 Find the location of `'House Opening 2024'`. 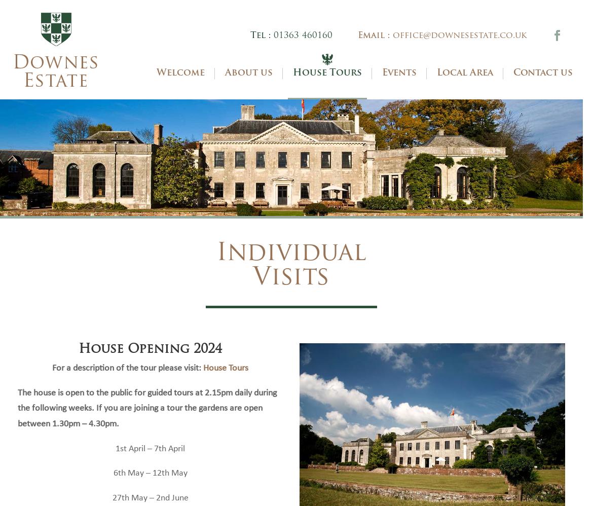

'House Opening 2024' is located at coordinates (150, 365).